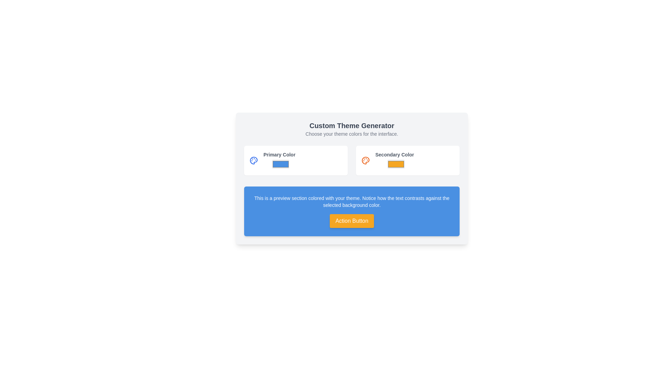 The image size is (663, 373). I want to click on the color picker labeled 'Primary Color', so click(279, 161).